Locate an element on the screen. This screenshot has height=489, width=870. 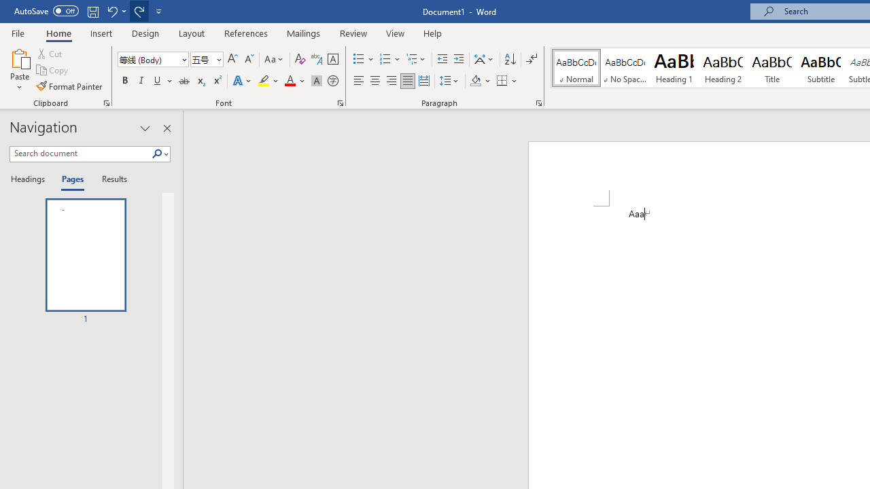
'Heading 2' is located at coordinates (722, 68).